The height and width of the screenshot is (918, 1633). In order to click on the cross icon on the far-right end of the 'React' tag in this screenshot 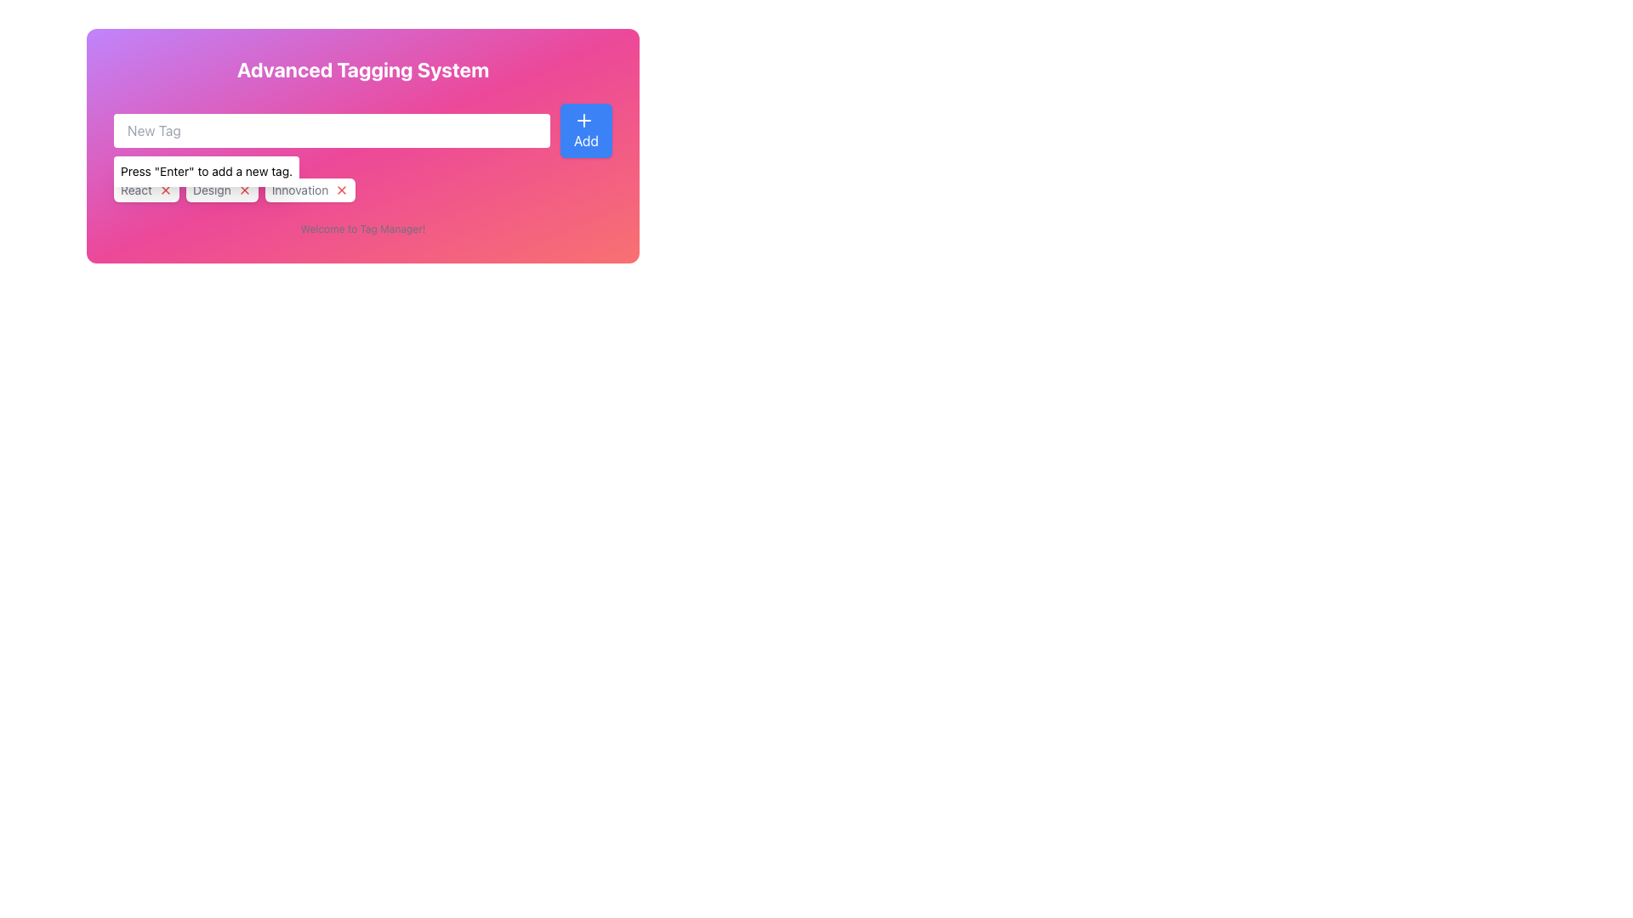, I will do `click(165, 190)`.